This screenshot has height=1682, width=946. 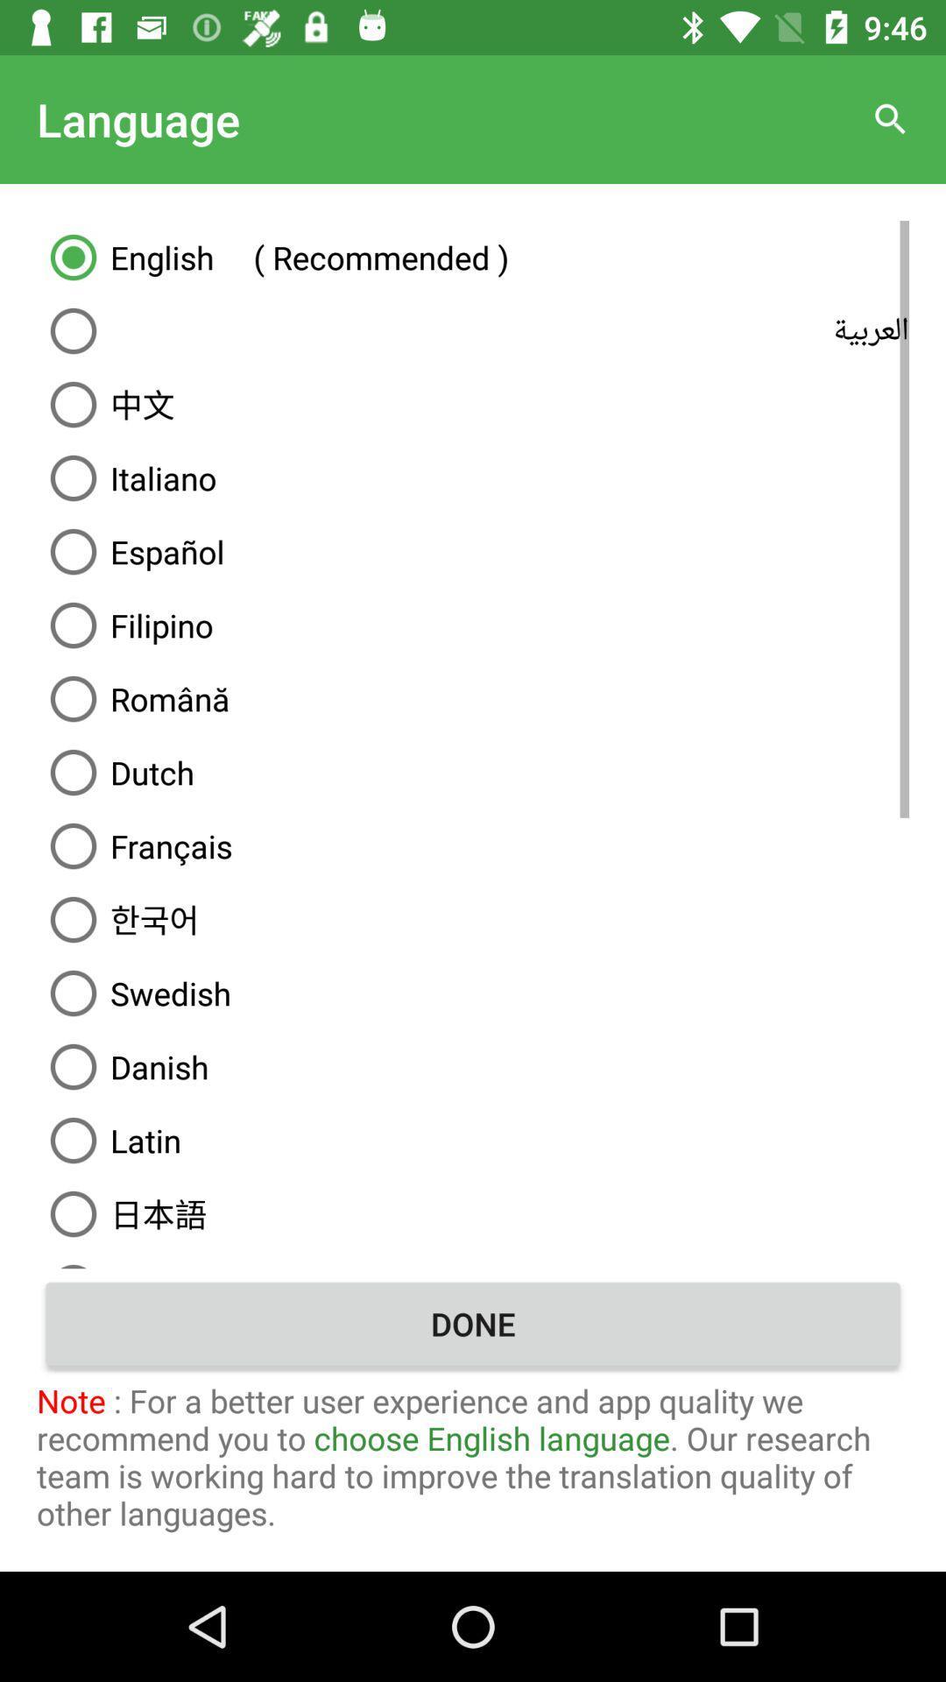 What do you see at coordinates (473, 1324) in the screenshot?
I see `the done icon` at bounding box center [473, 1324].